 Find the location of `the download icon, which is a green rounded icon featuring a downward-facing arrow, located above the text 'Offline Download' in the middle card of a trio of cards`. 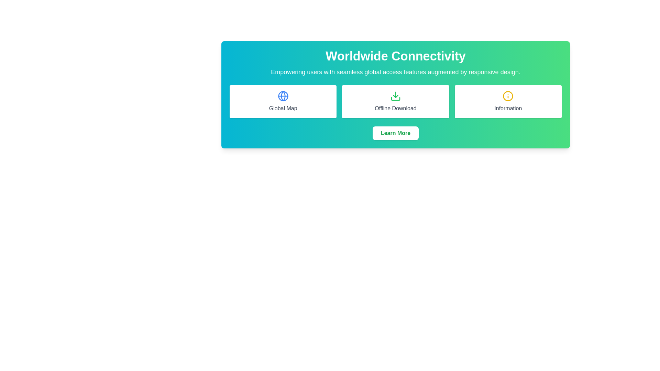

the download icon, which is a green rounded icon featuring a downward-facing arrow, located above the text 'Offline Download' in the middle card of a trio of cards is located at coordinates (396, 96).